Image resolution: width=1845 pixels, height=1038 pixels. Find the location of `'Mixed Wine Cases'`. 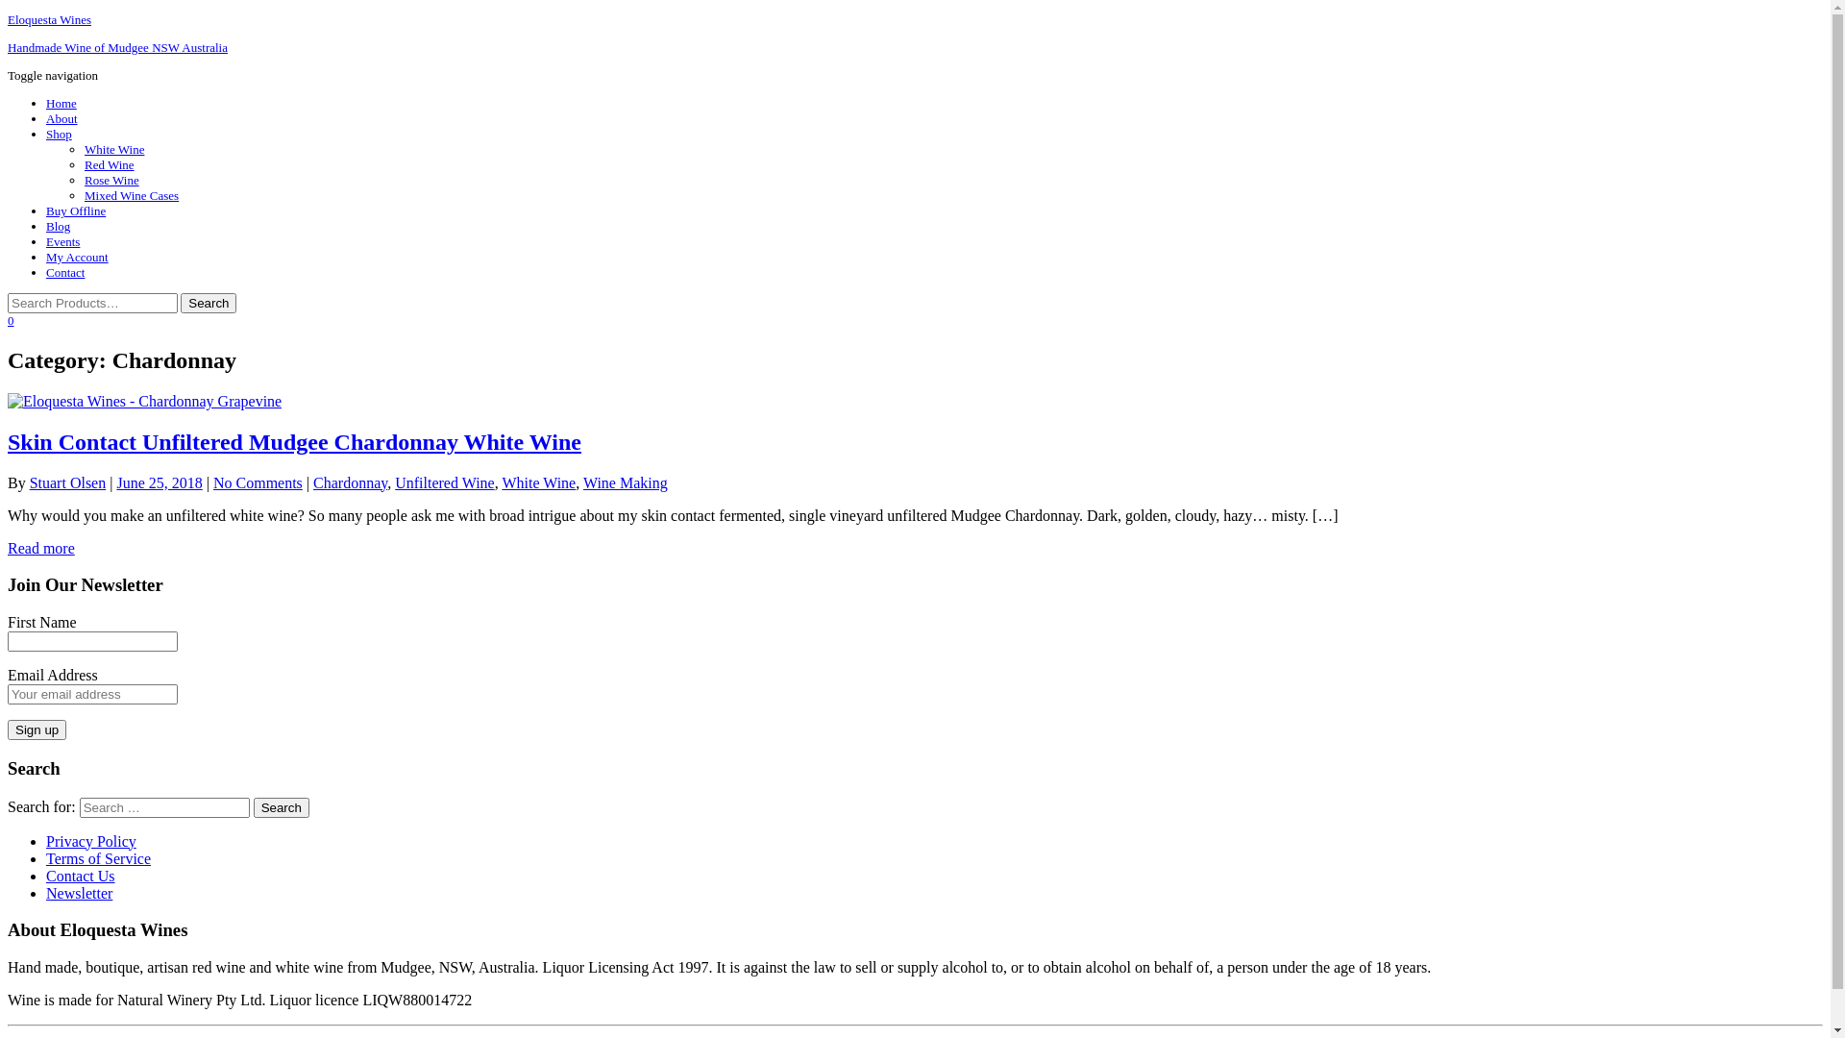

'Mixed Wine Cases' is located at coordinates (83, 195).